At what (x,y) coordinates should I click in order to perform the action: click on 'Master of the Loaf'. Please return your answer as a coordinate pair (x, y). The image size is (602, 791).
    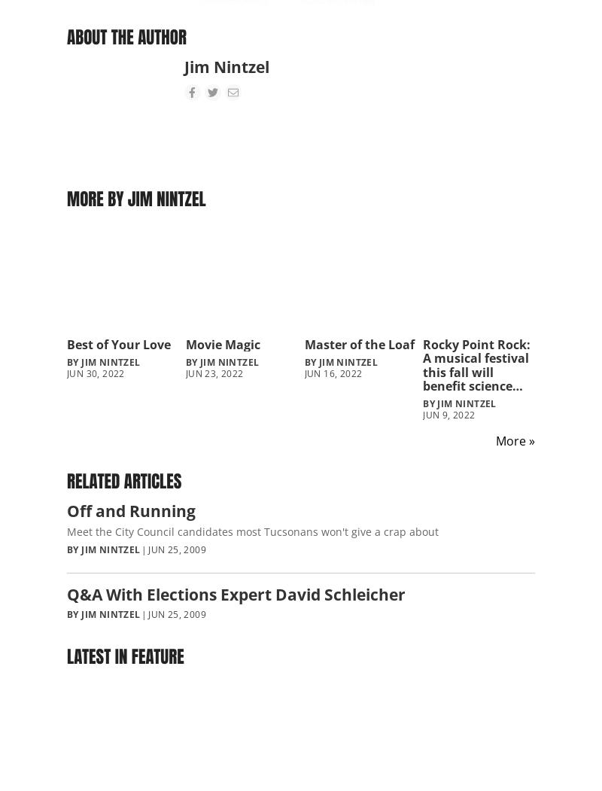
    Looking at the image, I should click on (304, 342).